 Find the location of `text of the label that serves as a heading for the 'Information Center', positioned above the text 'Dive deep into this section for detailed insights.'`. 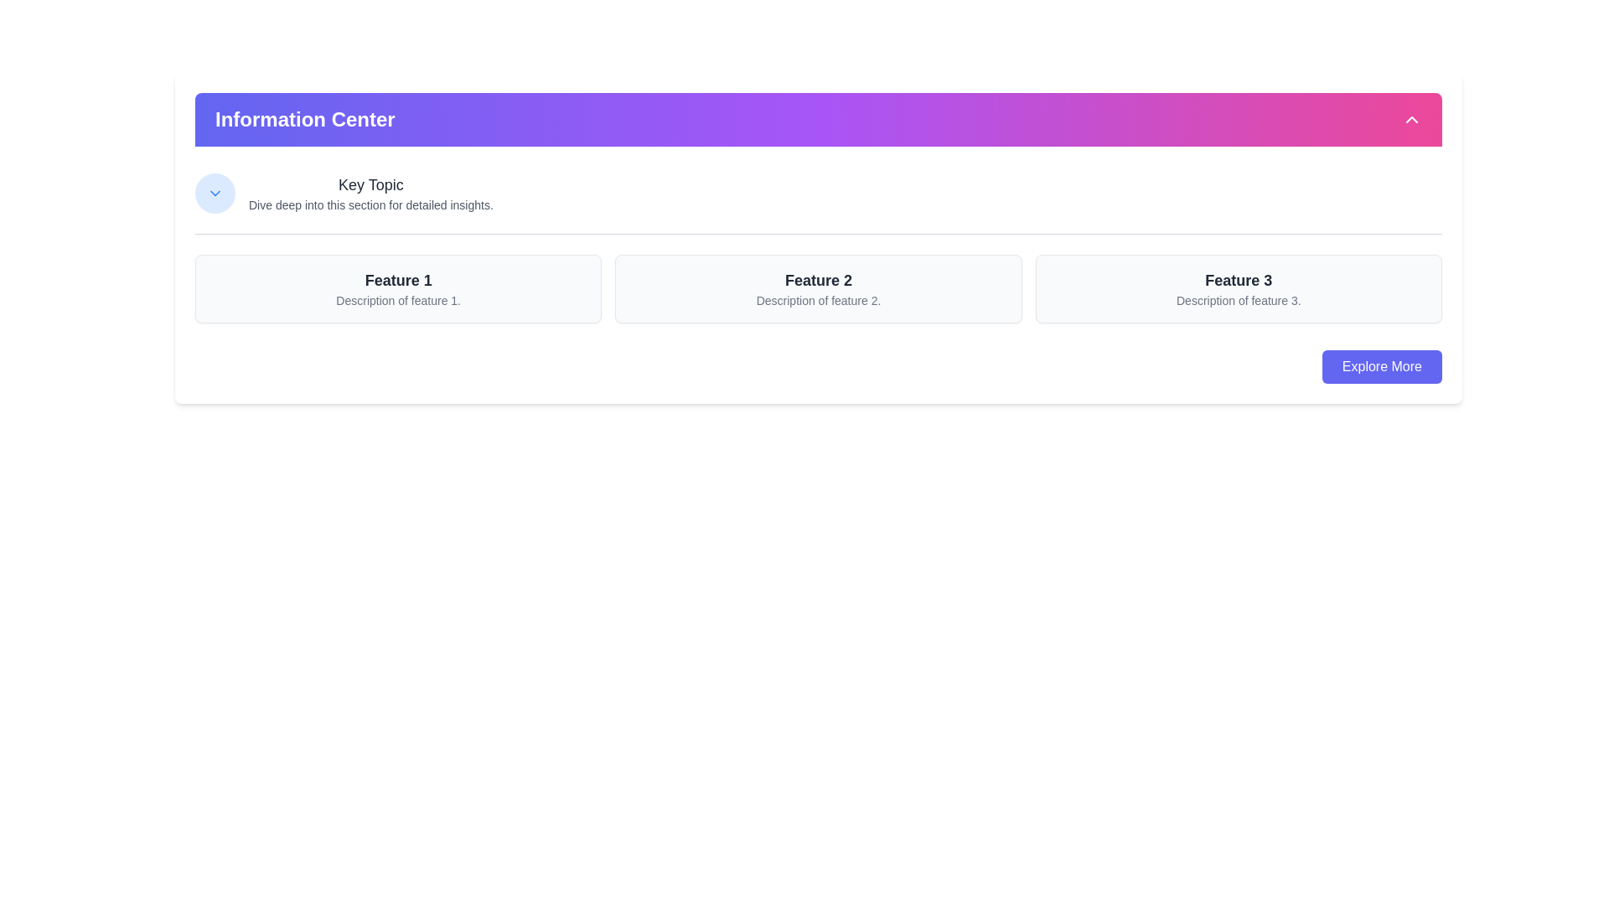

text of the label that serves as a heading for the 'Information Center', positioned above the text 'Dive deep into this section for detailed insights.' is located at coordinates (370, 184).